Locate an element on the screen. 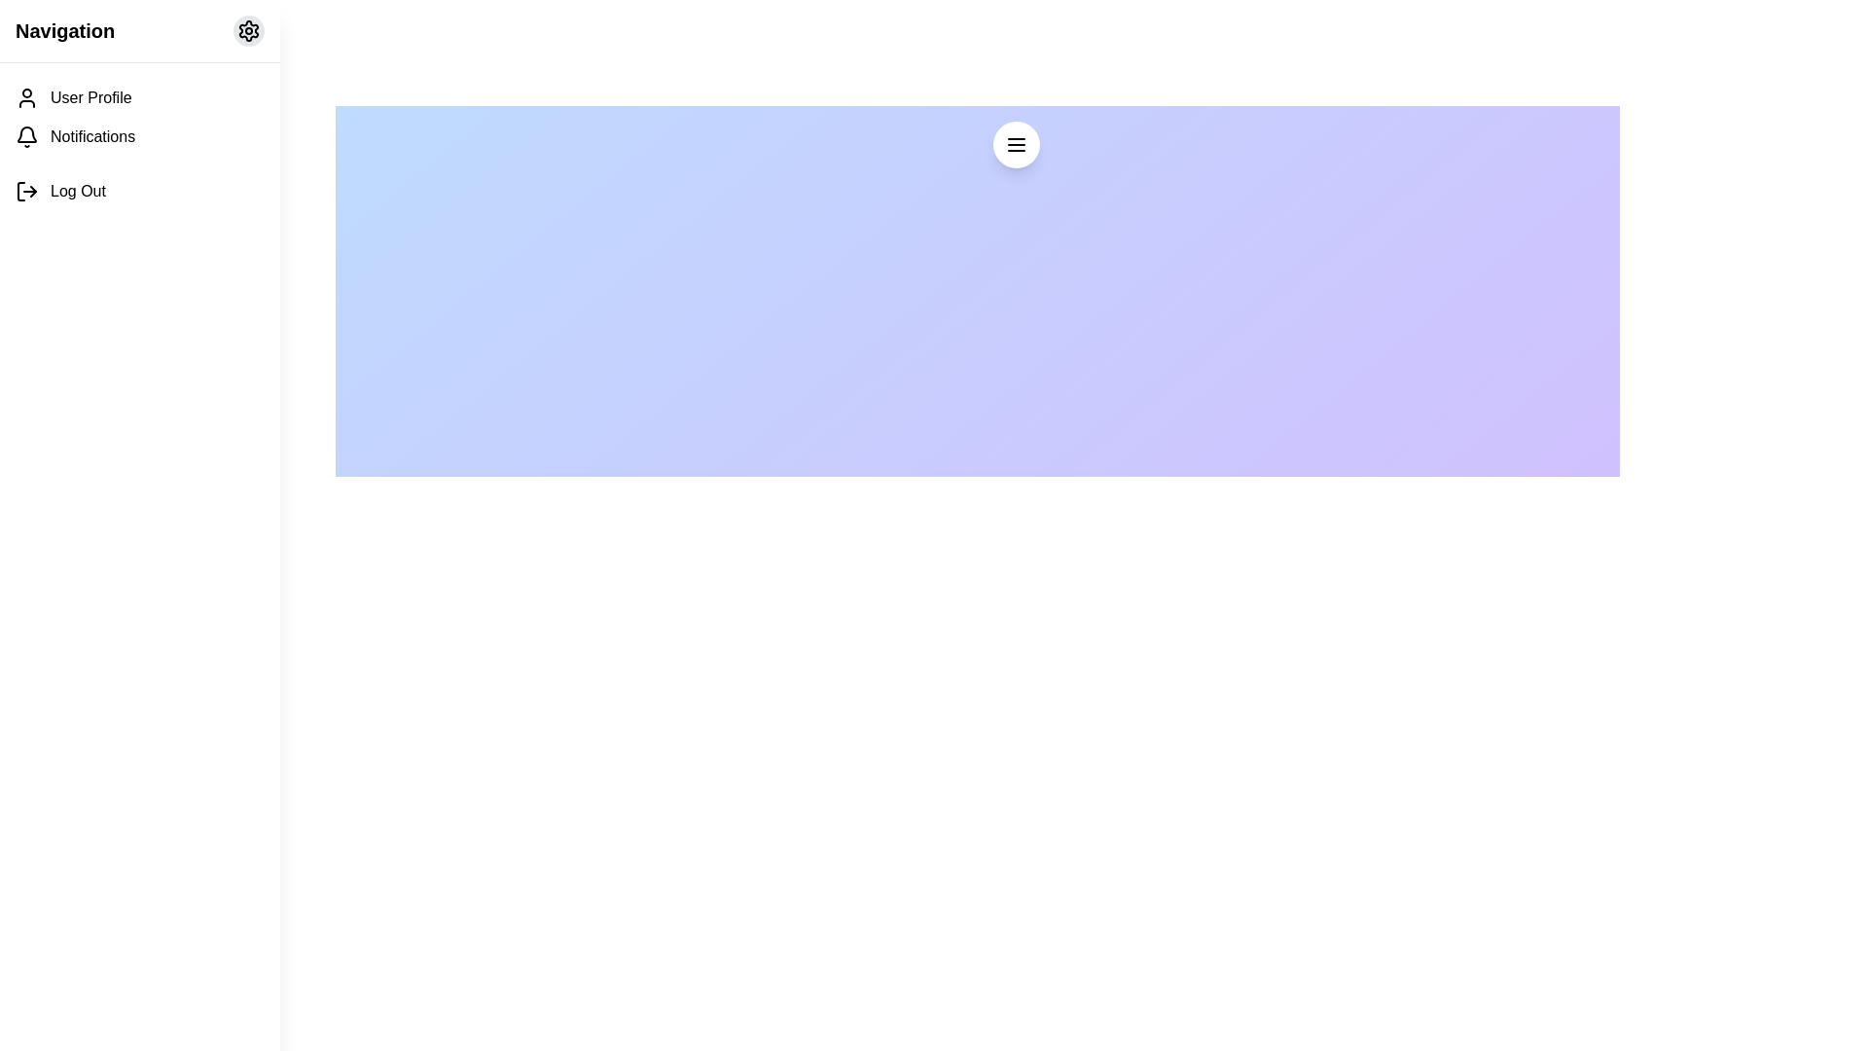 This screenshot has width=1868, height=1051. the floating action button represented as a circle with a white background and three parallel black horizontal lines is located at coordinates (1016, 144).